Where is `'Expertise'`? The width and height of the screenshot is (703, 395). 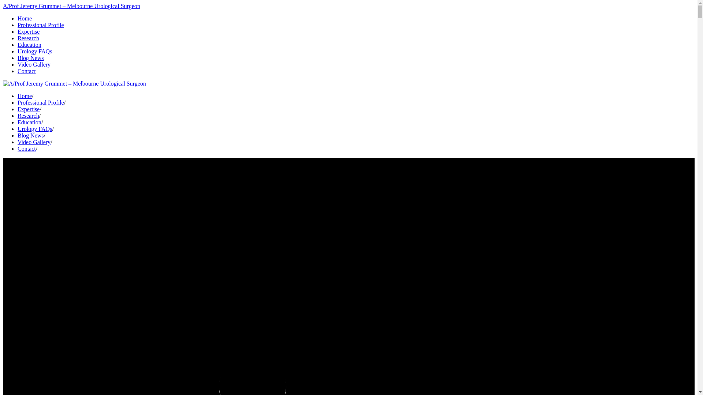 'Expertise' is located at coordinates (28, 31).